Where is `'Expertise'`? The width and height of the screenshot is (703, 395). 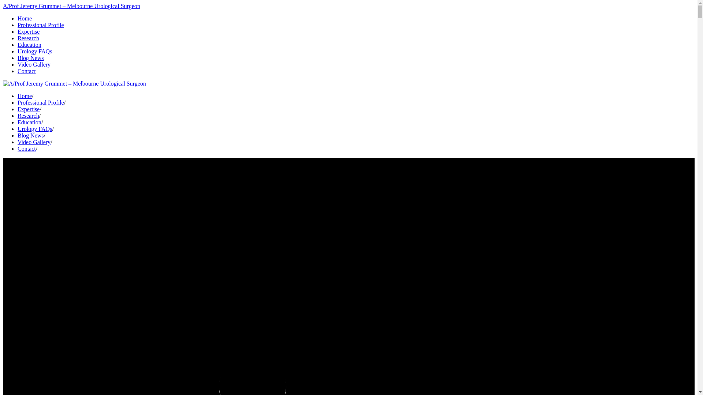 'Expertise' is located at coordinates (28, 31).